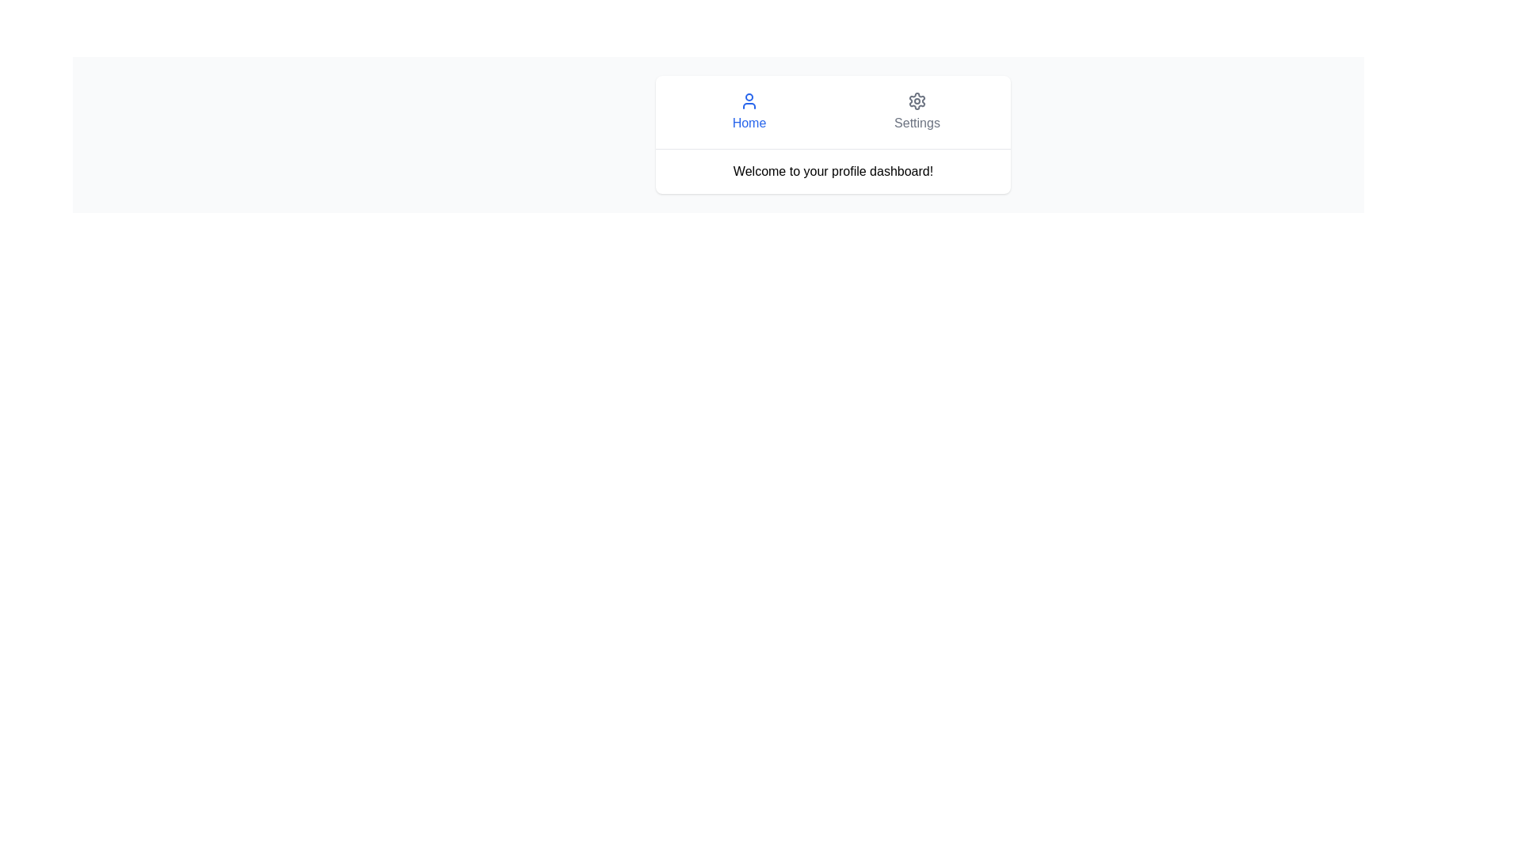 The width and height of the screenshot is (1521, 855). Describe the element at coordinates (917, 101) in the screenshot. I see `the gear-shaped icon located in the upper right area of the profile dashboard, adjacent to the 'Settings' label` at that location.